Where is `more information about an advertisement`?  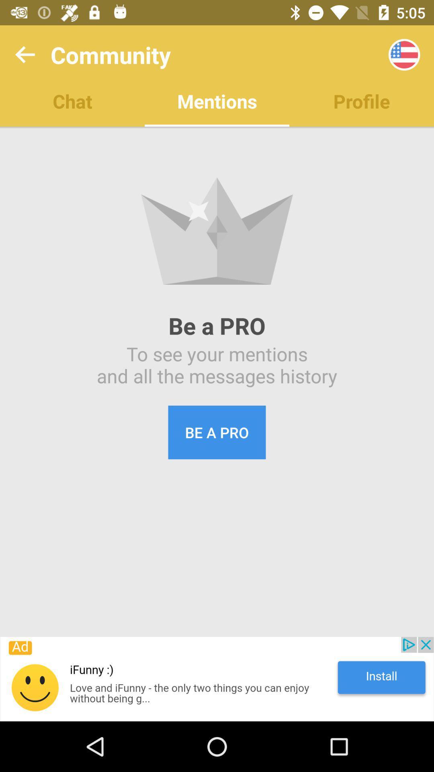
more information about an advertisement is located at coordinates (217, 679).